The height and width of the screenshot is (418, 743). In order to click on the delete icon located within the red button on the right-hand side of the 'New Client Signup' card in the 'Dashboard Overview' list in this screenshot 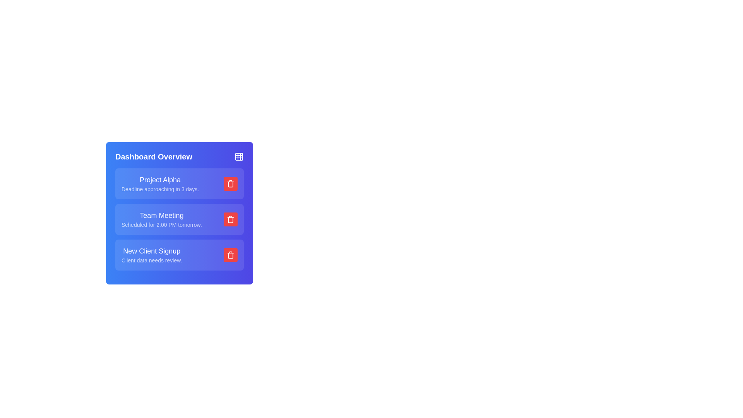, I will do `click(230, 255)`.